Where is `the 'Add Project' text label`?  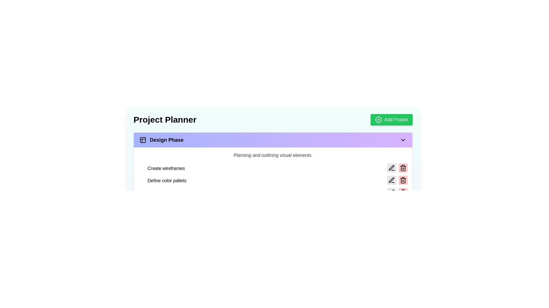
the 'Add Project' text label is located at coordinates (396, 119).